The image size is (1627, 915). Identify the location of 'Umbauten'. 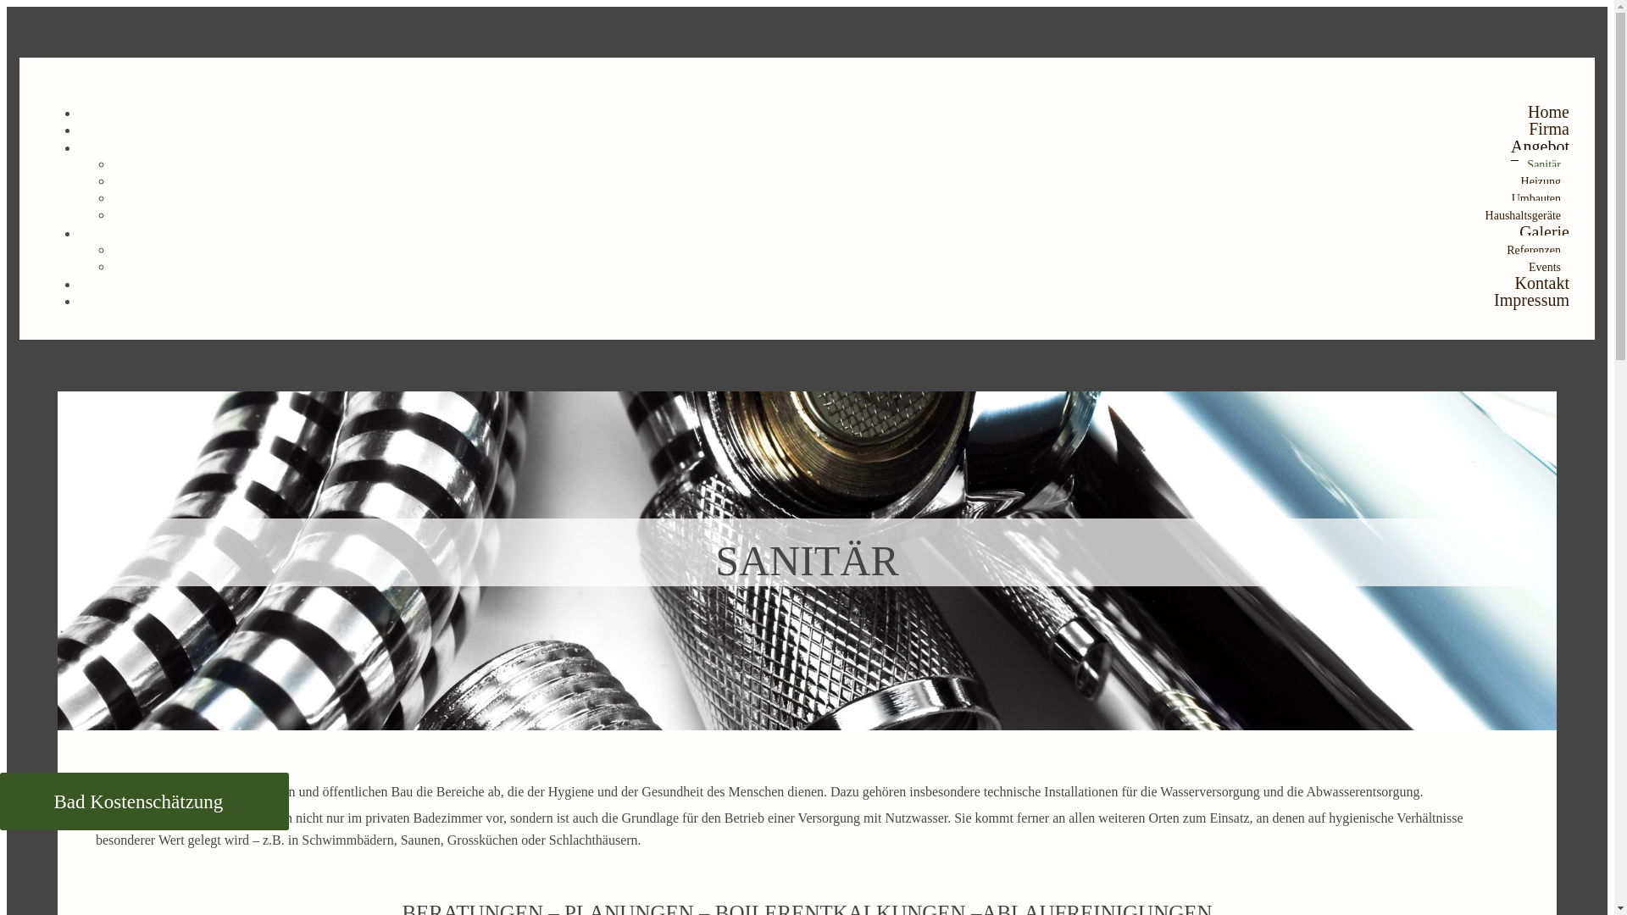
(1536, 197).